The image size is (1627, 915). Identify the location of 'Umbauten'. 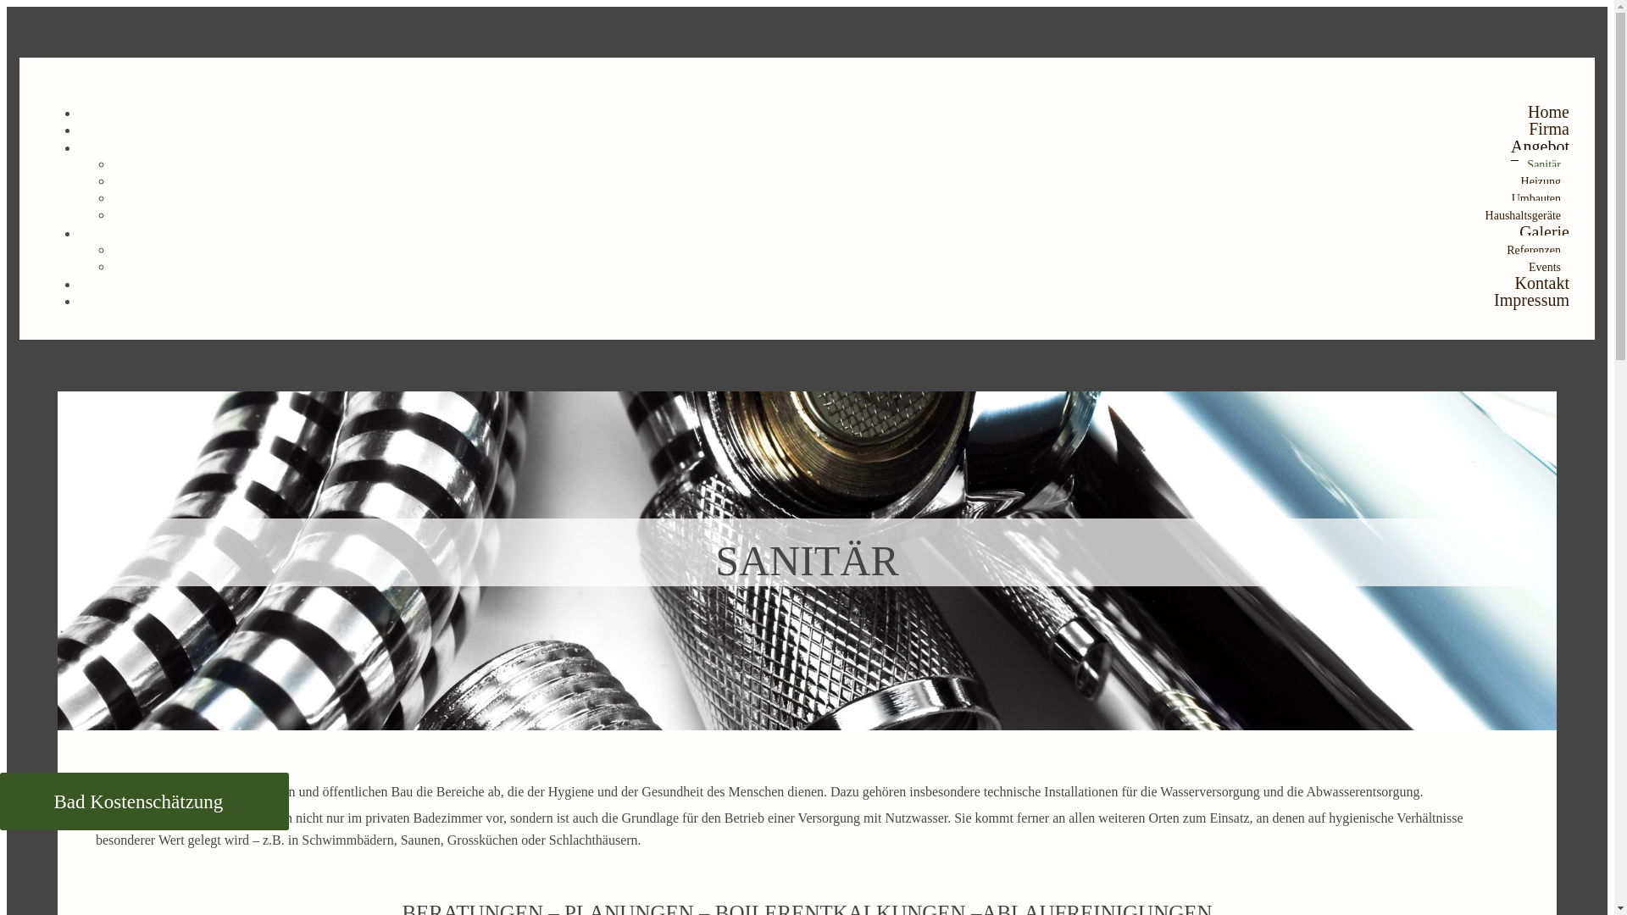
(1536, 197).